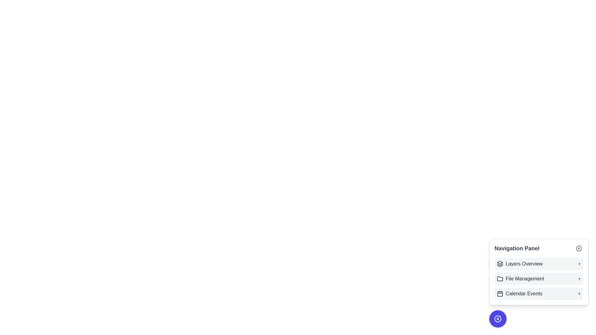 The height and width of the screenshot is (335, 596). What do you see at coordinates (579, 264) in the screenshot?
I see `the plus sign icon located in the Navigation Panel, adjacent to the 'Layers Overview' text, to indicate the possibility of expanding or interacting with related content` at bounding box center [579, 264].